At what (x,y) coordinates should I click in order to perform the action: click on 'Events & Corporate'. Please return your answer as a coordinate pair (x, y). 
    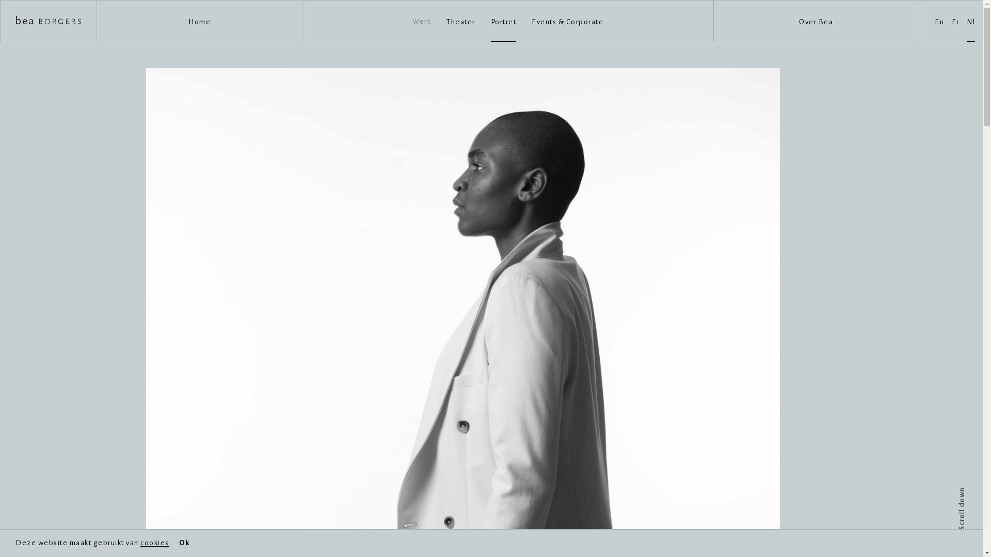
    Looking at the image, I should click on (567, 21).